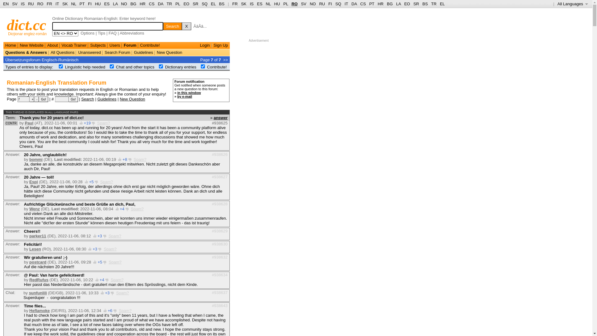 The height and width of the screenshot is (336, 597). What do you see at coordinates (11, 123) in the screenshot?
I see `'CONTR'` at bounding box center [11, 123].